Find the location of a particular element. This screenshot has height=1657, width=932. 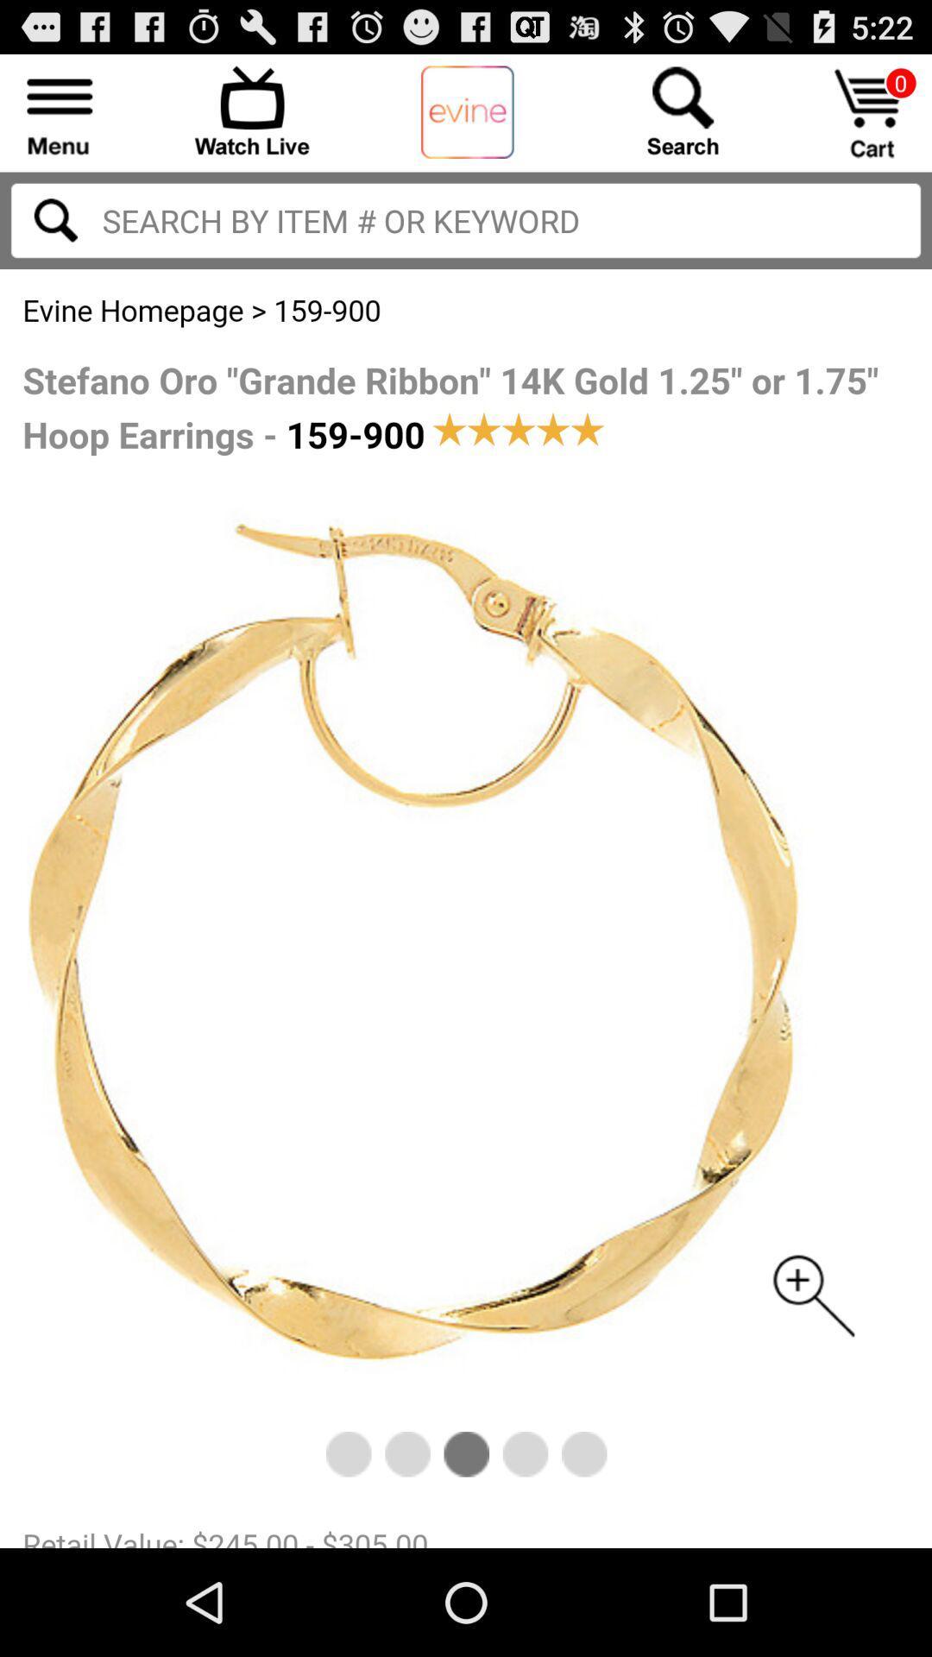

search the input text to right is located at coordinates (54, 219).